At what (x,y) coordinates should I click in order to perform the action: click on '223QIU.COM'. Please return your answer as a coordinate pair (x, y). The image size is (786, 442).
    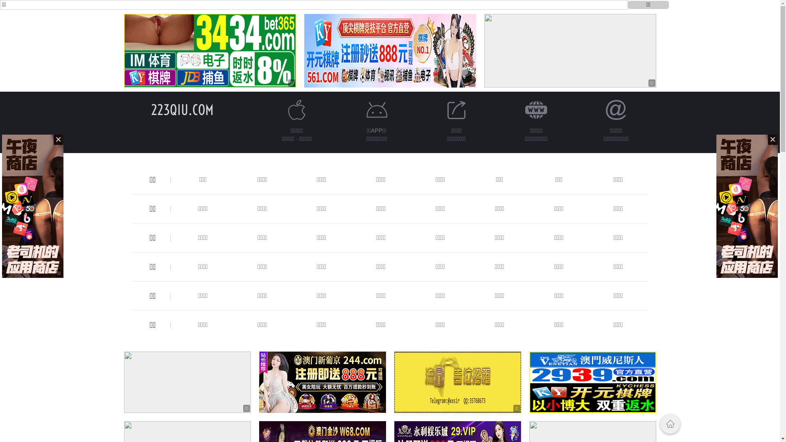
    Looking at the image, I should click on (182, 109).